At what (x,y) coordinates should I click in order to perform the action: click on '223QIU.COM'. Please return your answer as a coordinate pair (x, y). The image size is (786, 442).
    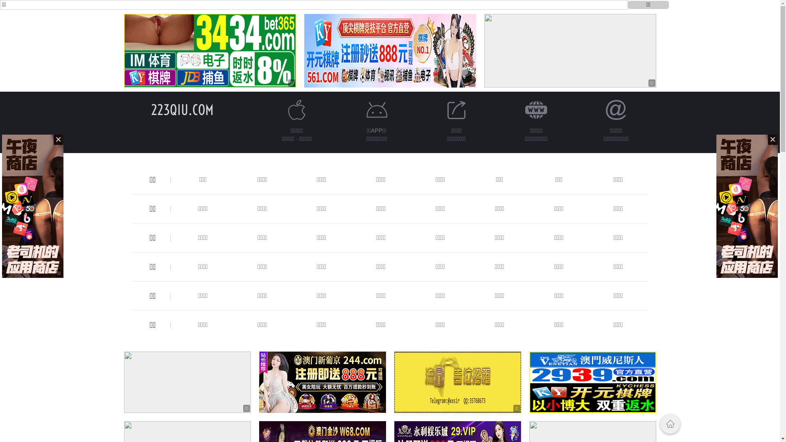
    Looking at the image, I should click on (182, 109).